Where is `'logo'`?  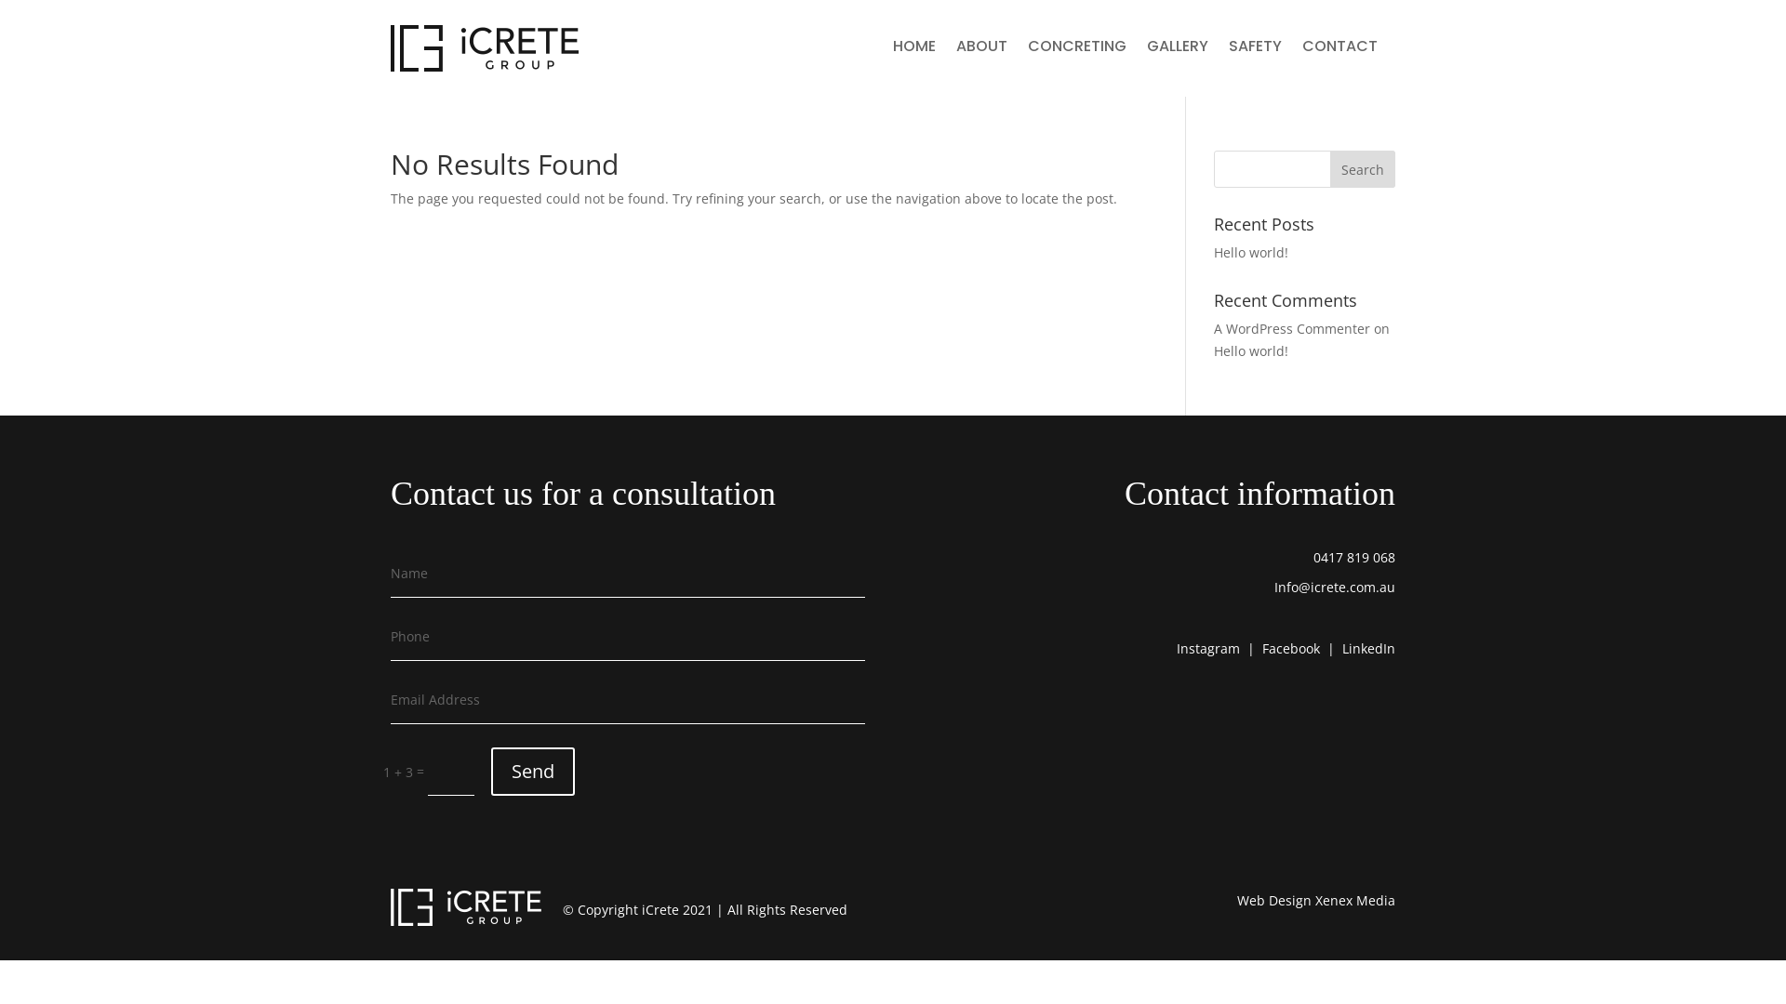
'logo' is located at coordinates (485, 46).